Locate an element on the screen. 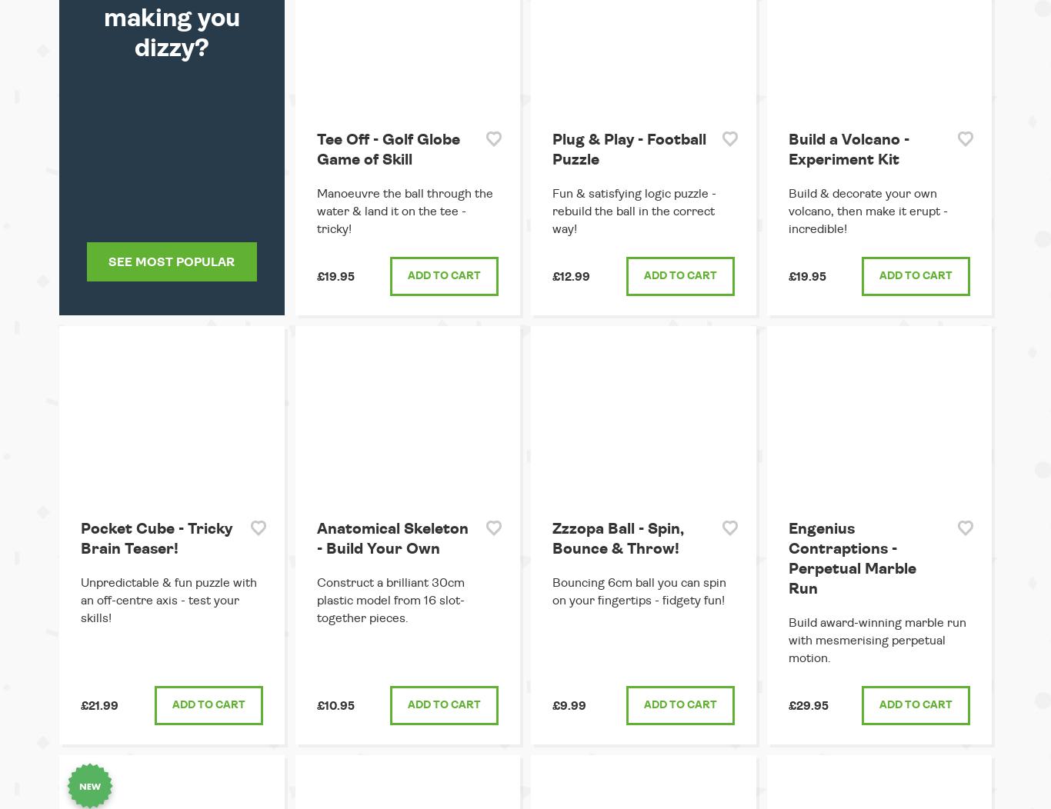 The image size is (1051, 809). 'Plug & Play - Football Puzzle' is located at coordinates (552, 150).